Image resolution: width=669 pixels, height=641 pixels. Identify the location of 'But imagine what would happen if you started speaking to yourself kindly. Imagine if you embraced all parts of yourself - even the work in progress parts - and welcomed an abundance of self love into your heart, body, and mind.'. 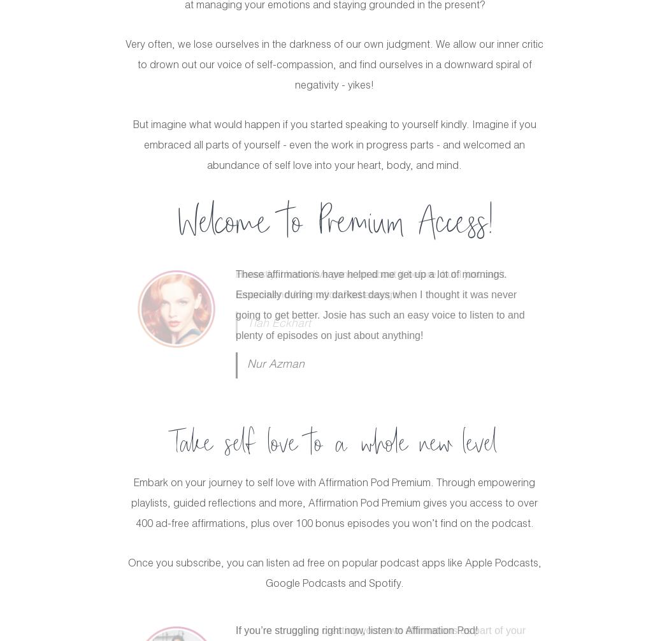
(333, 146).